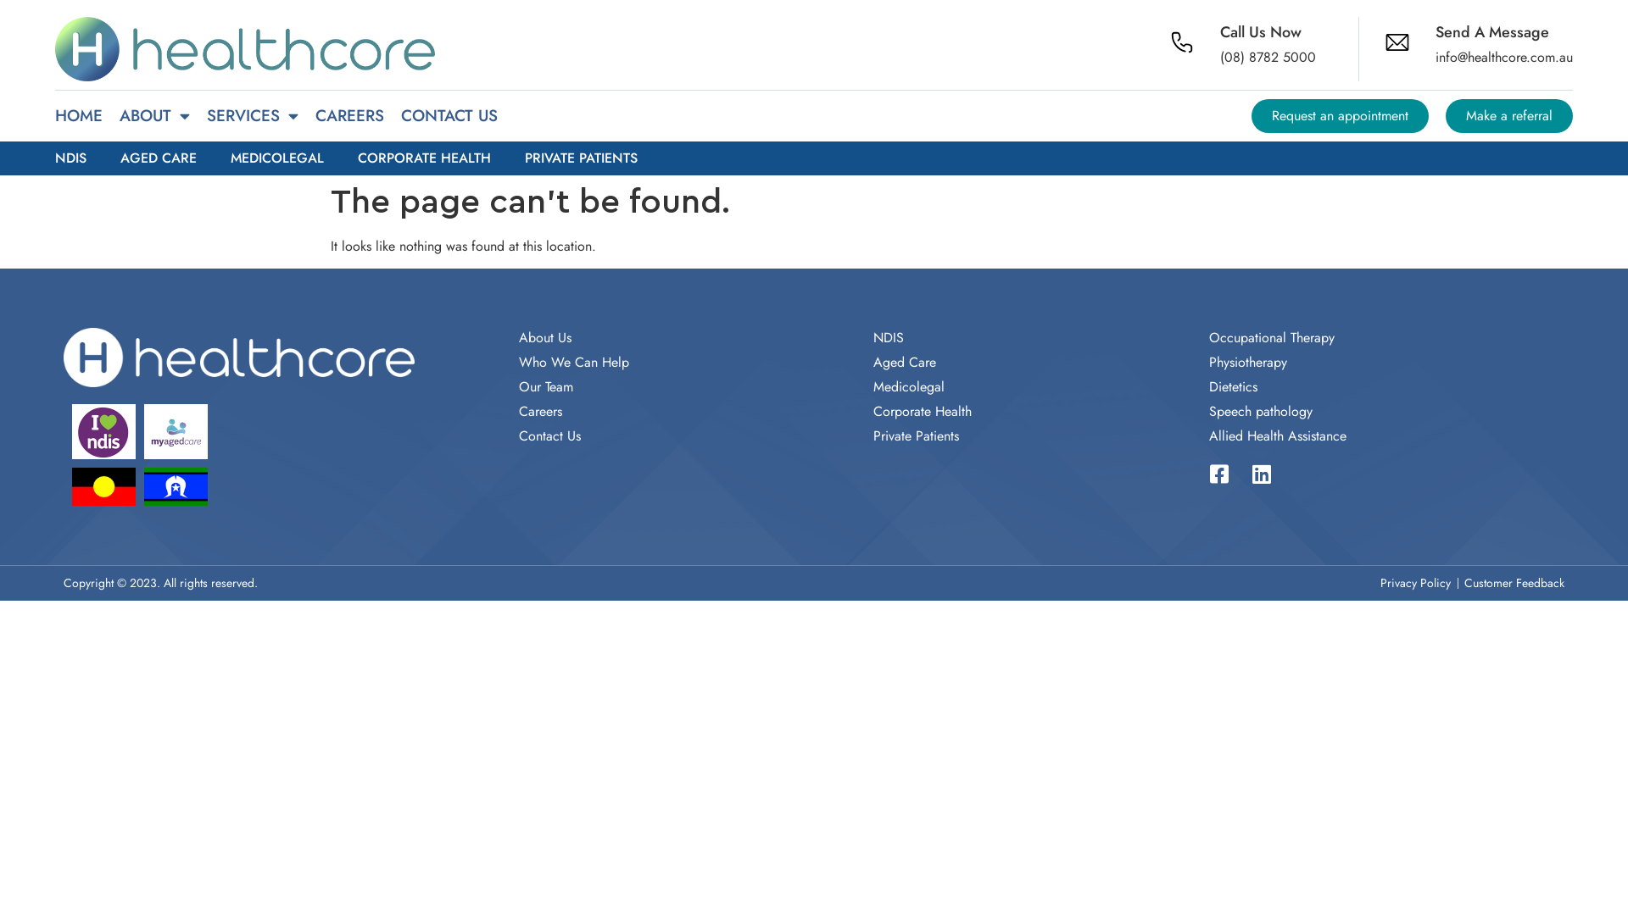  Describe the element at coordinates (1252, 115) in the screenshot. I see `'Request an appointment'` at that location.